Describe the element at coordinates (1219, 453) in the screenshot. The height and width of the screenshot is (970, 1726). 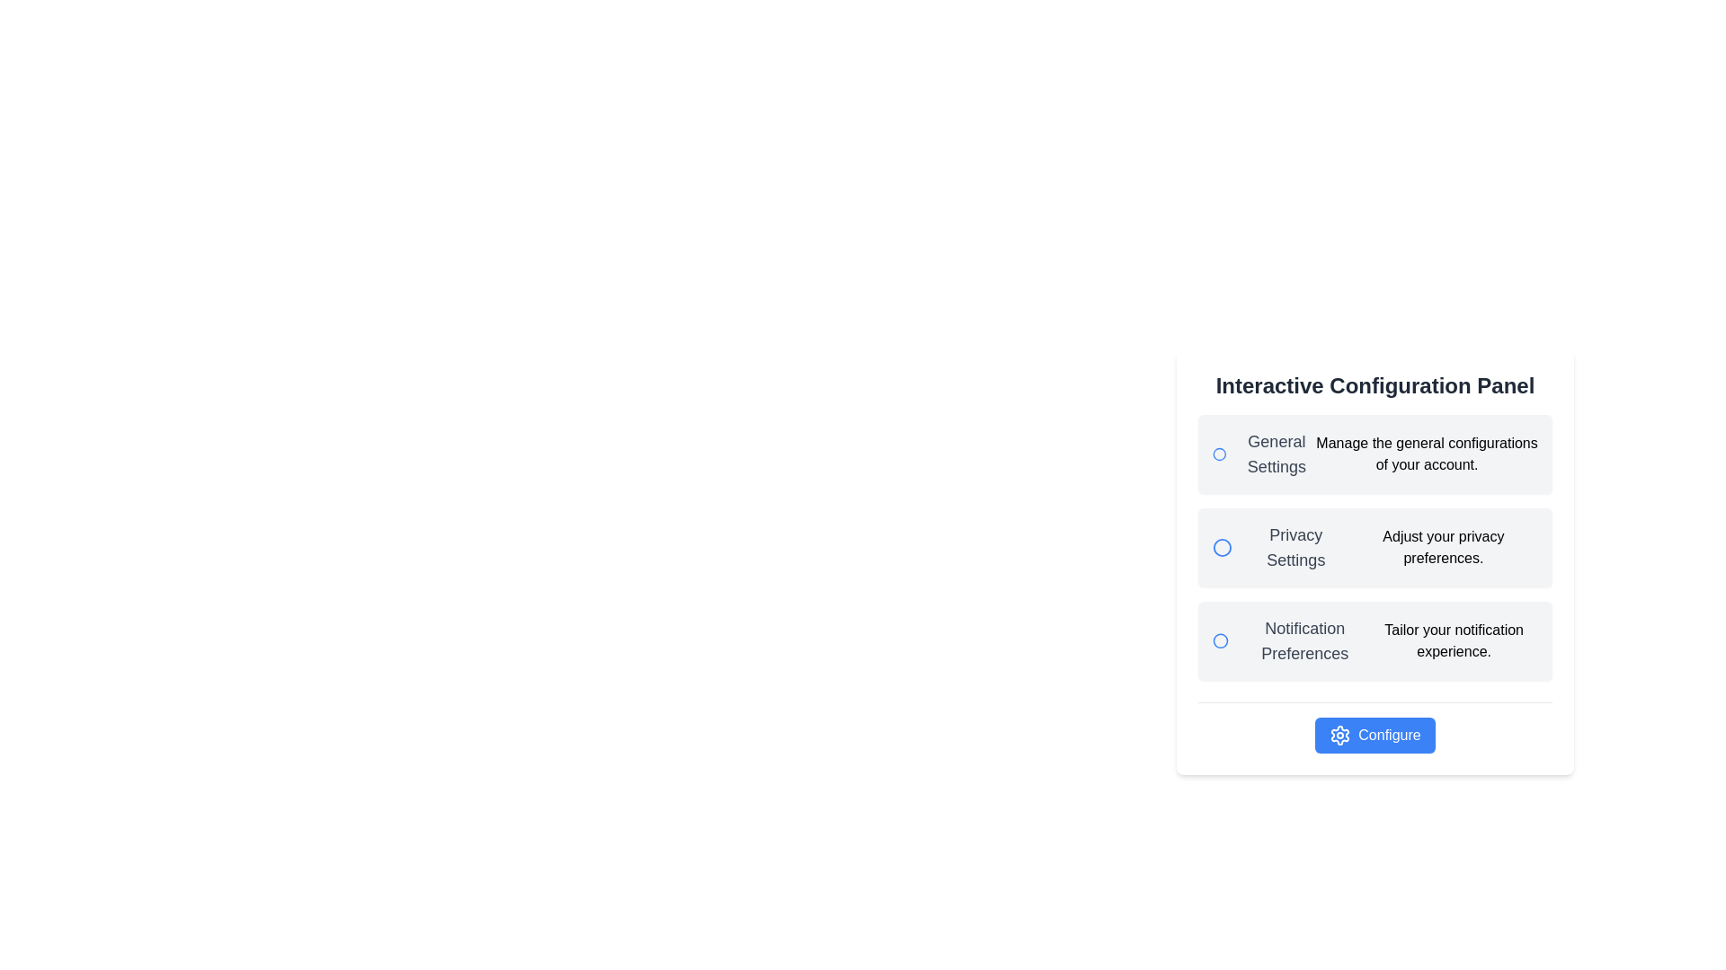
I see `the prominent circular icon located inside the 'Interactive Configuration Panel'` at that location.